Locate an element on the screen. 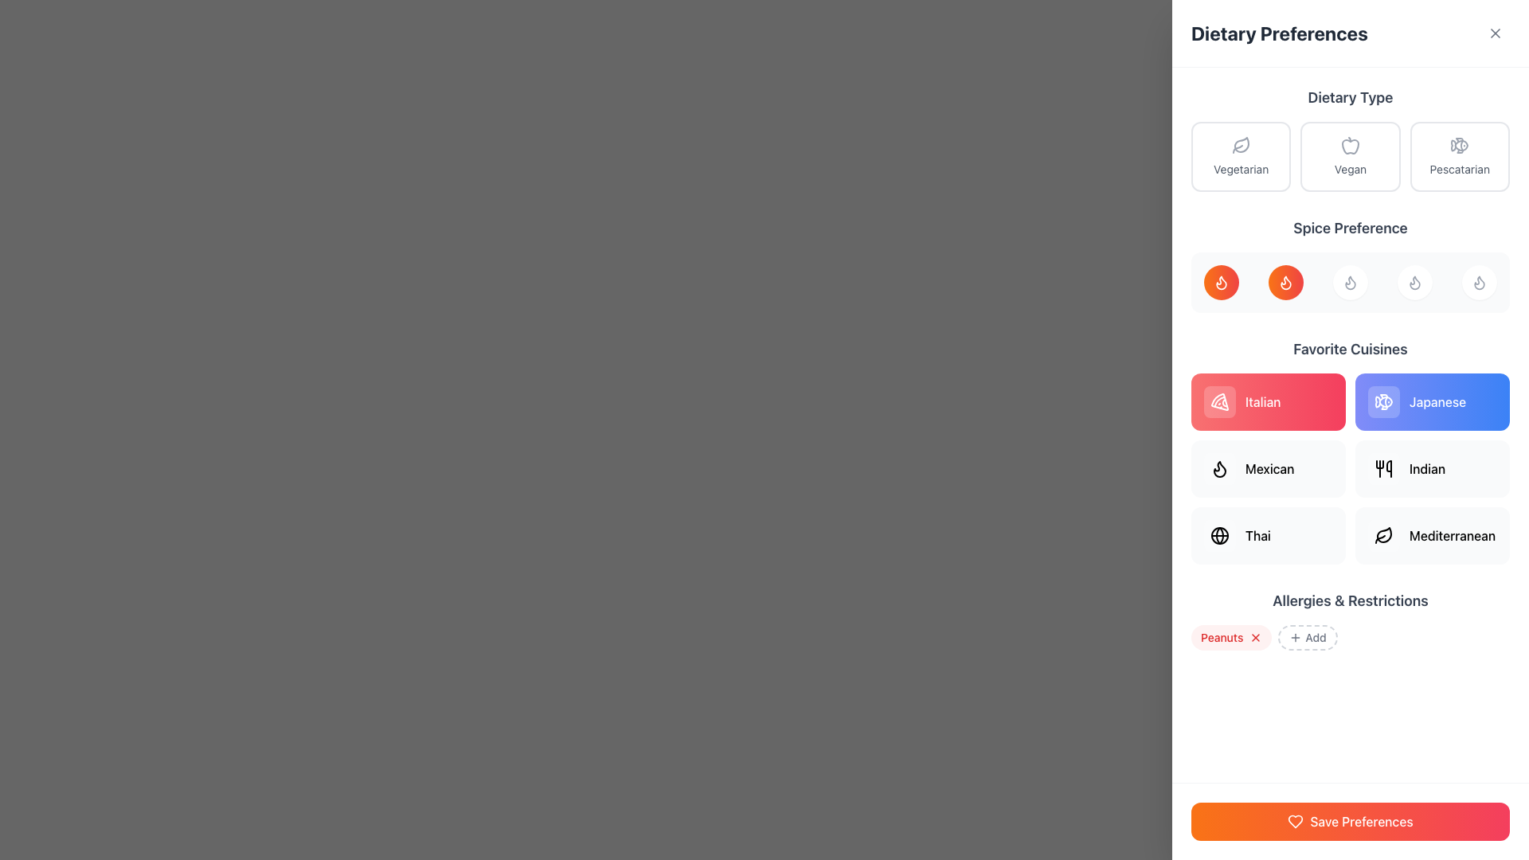 This screenshot has height=860, width=1529. the selectable option for the 'Mediterranean' cuisine in the 'Favorite Cuisines' grid is located at coordinates (1433, 535).